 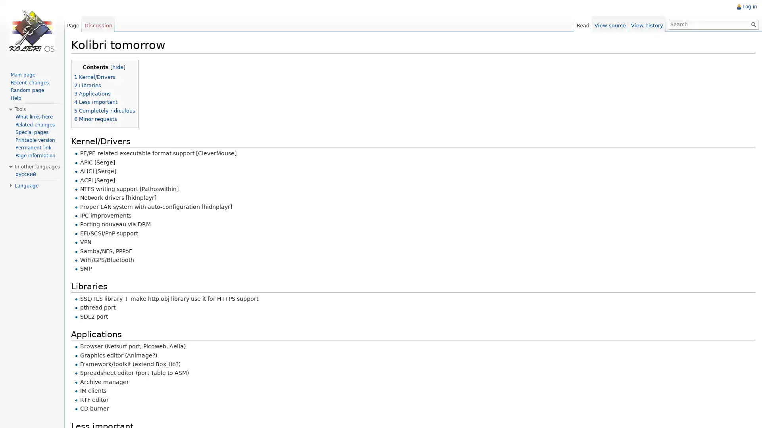 I want to click on Go, so click(x=750, y=24).